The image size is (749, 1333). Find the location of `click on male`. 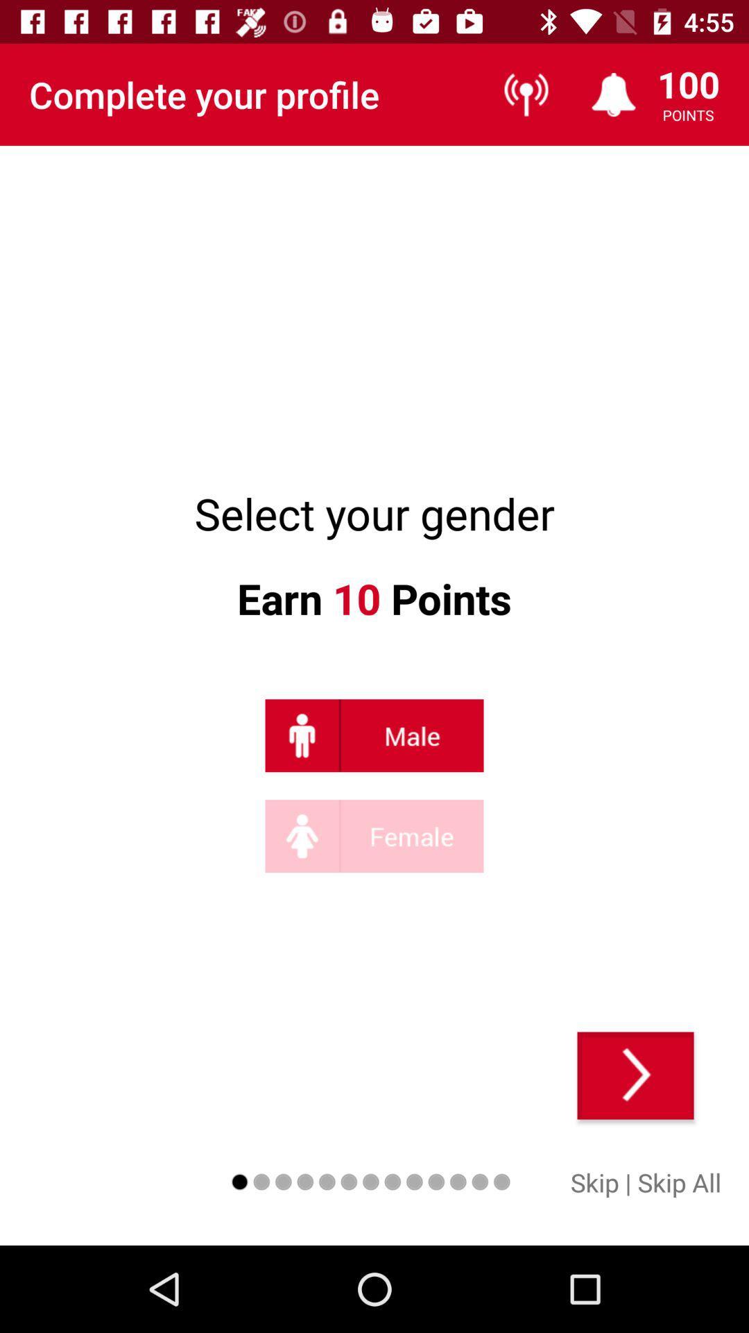

click on male is located at coordinates (374, 735).